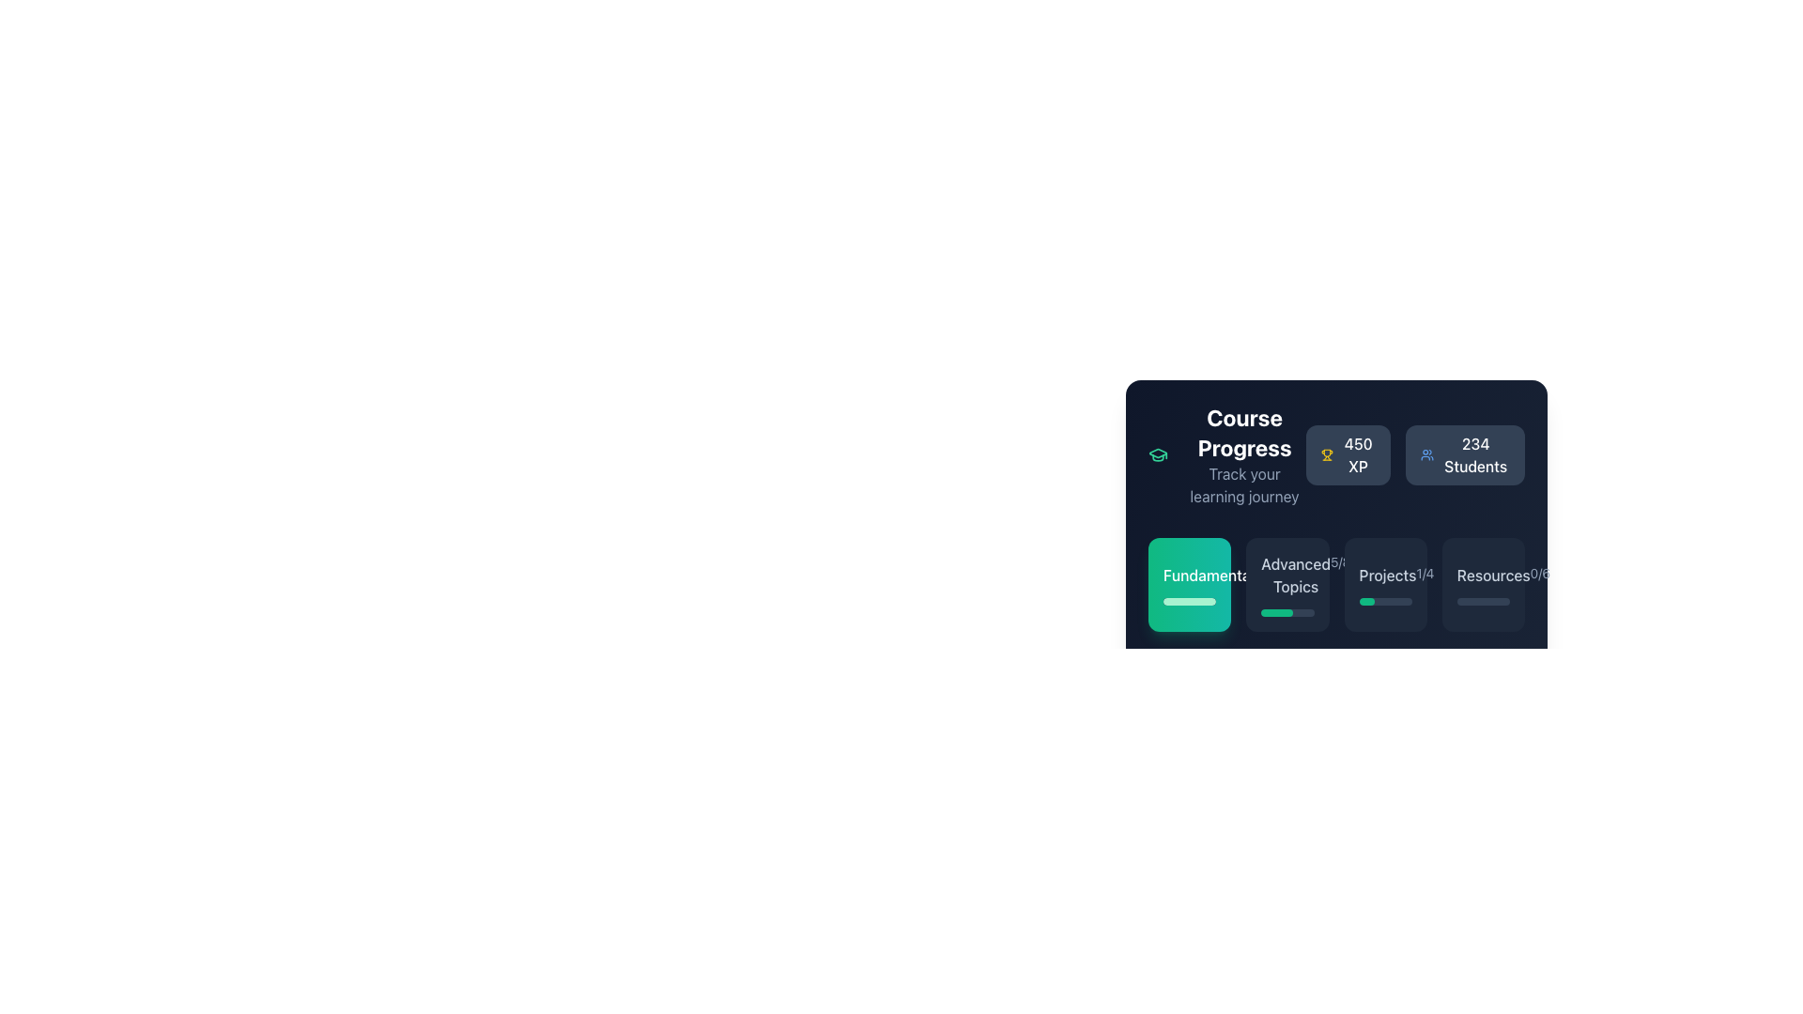 Image resolution: width=1803 pixels, height=1014 pixels. What do you see at coordinates (1212, 575) in the screenshot?
I see `the 'Fundamentals' label in the 'Course Progress' section, which is the first card in a horizontal list of modules` at bounding box center [1212, 575].